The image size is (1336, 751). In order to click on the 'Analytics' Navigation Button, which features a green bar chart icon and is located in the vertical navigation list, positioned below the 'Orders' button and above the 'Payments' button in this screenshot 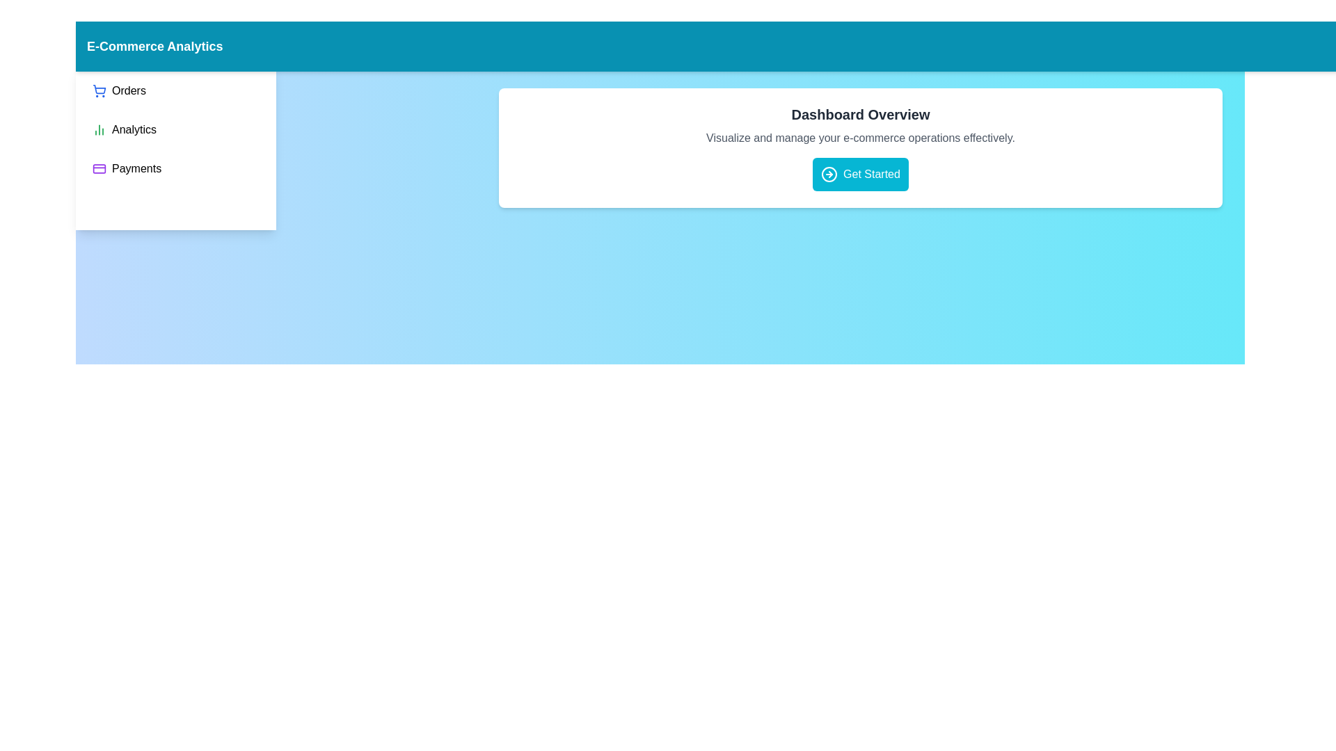, I will do `click(124, 129)`.